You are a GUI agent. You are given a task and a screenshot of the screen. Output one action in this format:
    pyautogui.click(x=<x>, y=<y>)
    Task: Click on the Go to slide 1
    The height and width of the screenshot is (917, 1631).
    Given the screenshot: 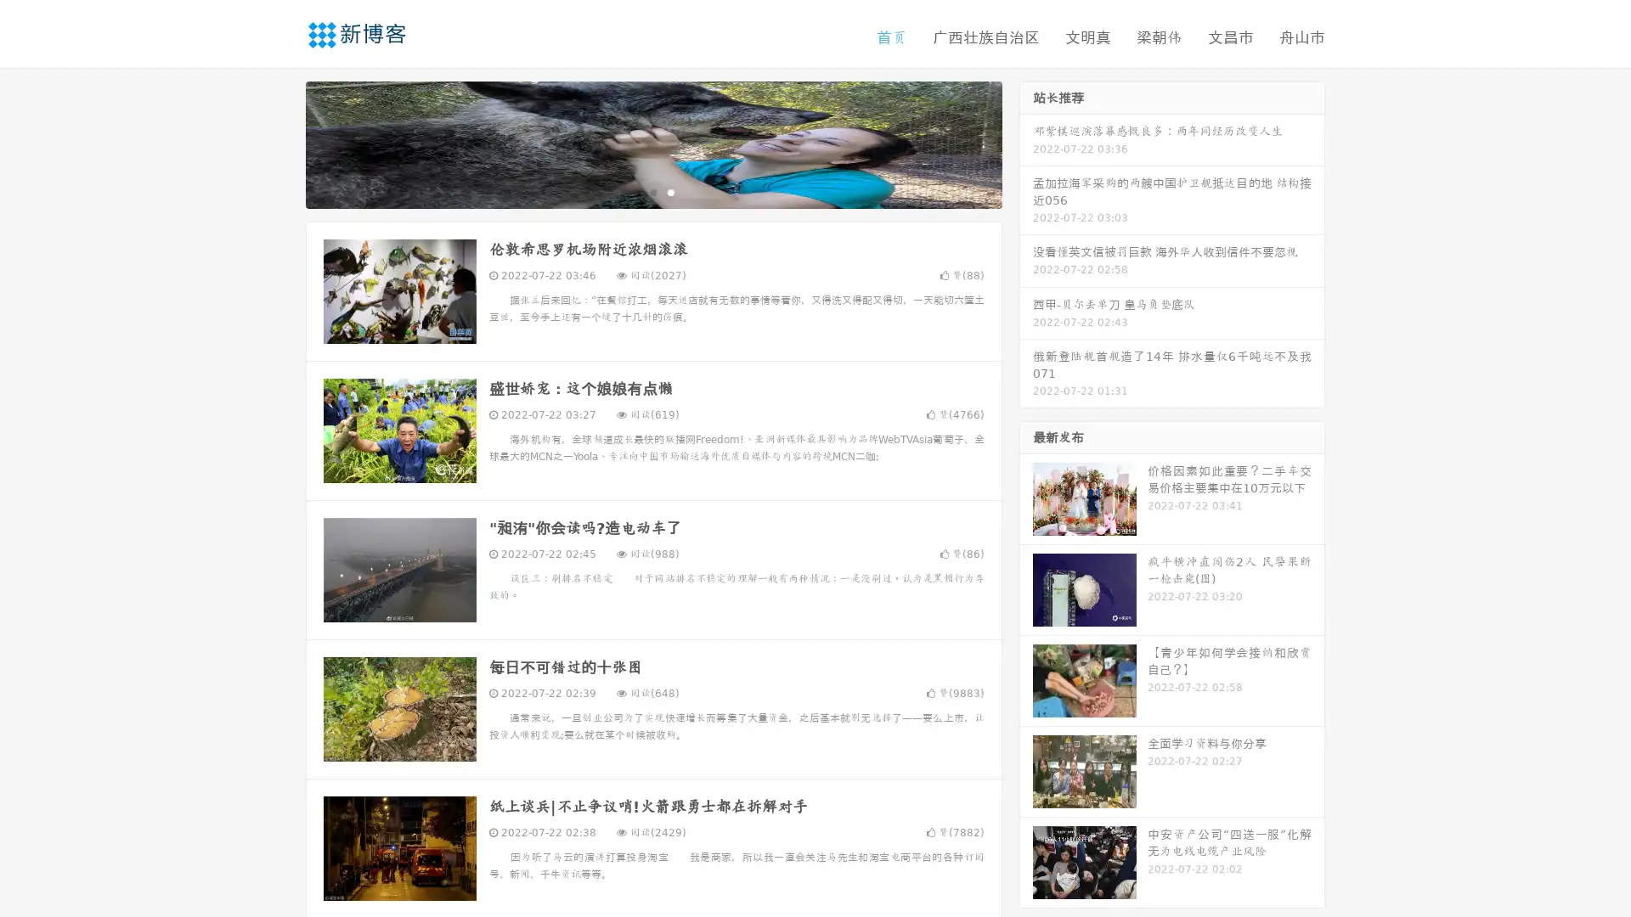 What is the action you would take?
    pyautogui.click(x=635, y=191)
    